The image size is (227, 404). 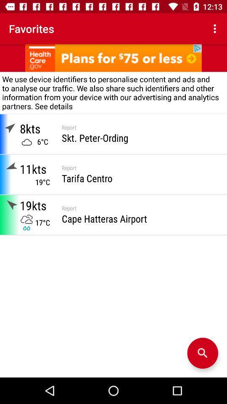 What do you see at coordinates (202, 353) in the screenshot?
I see `the search icon` at bounding box center [202, 353].